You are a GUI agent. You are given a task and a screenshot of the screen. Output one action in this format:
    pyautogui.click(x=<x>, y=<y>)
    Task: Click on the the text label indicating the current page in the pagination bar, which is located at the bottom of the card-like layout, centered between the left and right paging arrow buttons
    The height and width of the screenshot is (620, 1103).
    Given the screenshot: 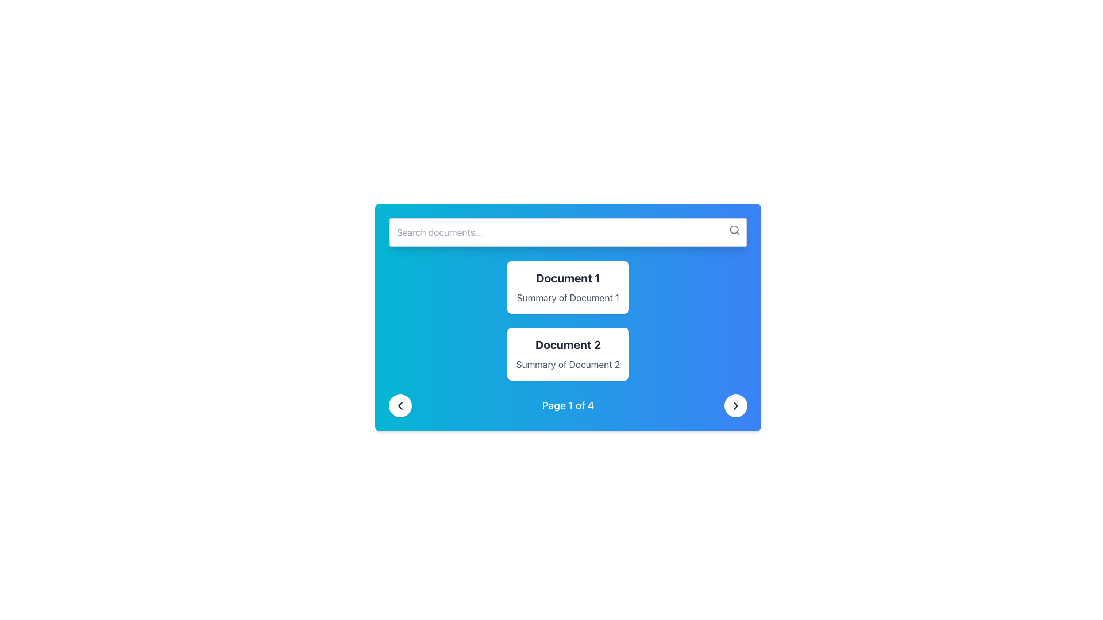 What is the action you would take?
    pyautogui.click(x=568, y=405)
    